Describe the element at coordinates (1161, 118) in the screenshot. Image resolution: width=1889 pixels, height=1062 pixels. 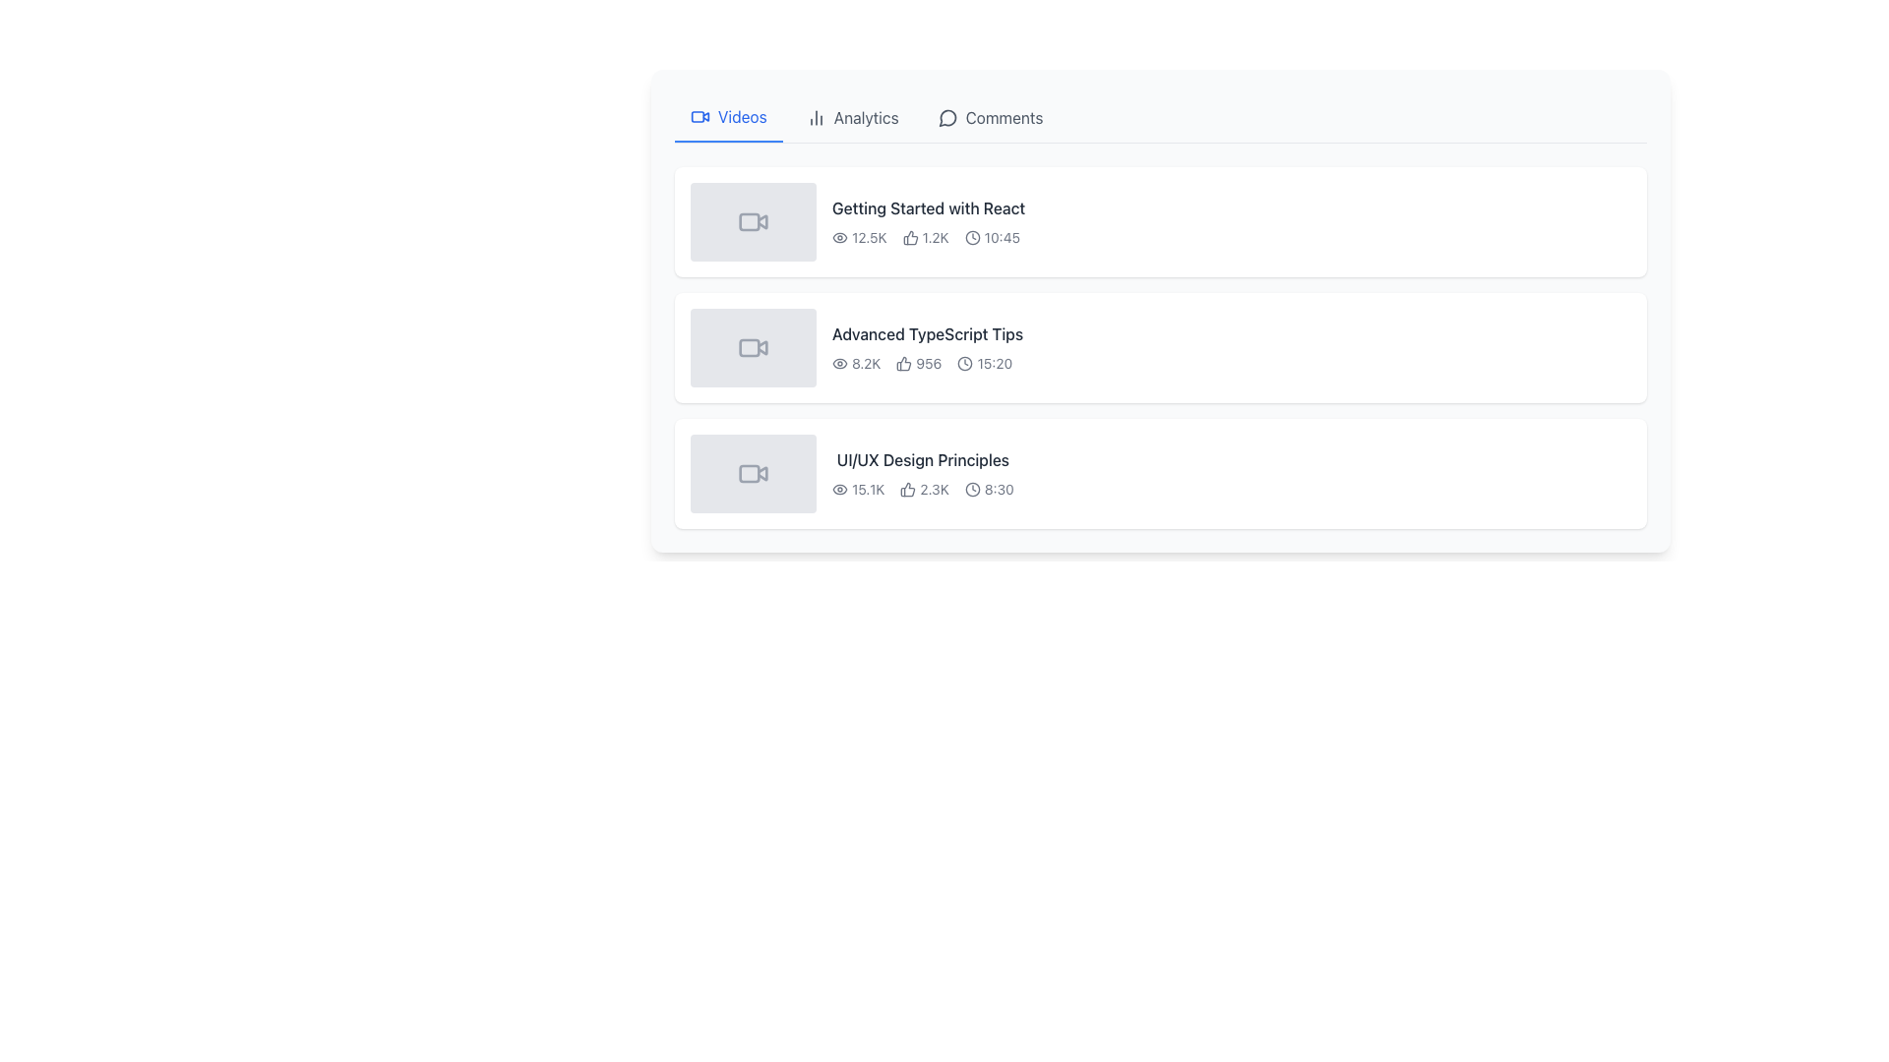
I see `the 'Analytics' tab in the horizontal navigation bar` at that location.